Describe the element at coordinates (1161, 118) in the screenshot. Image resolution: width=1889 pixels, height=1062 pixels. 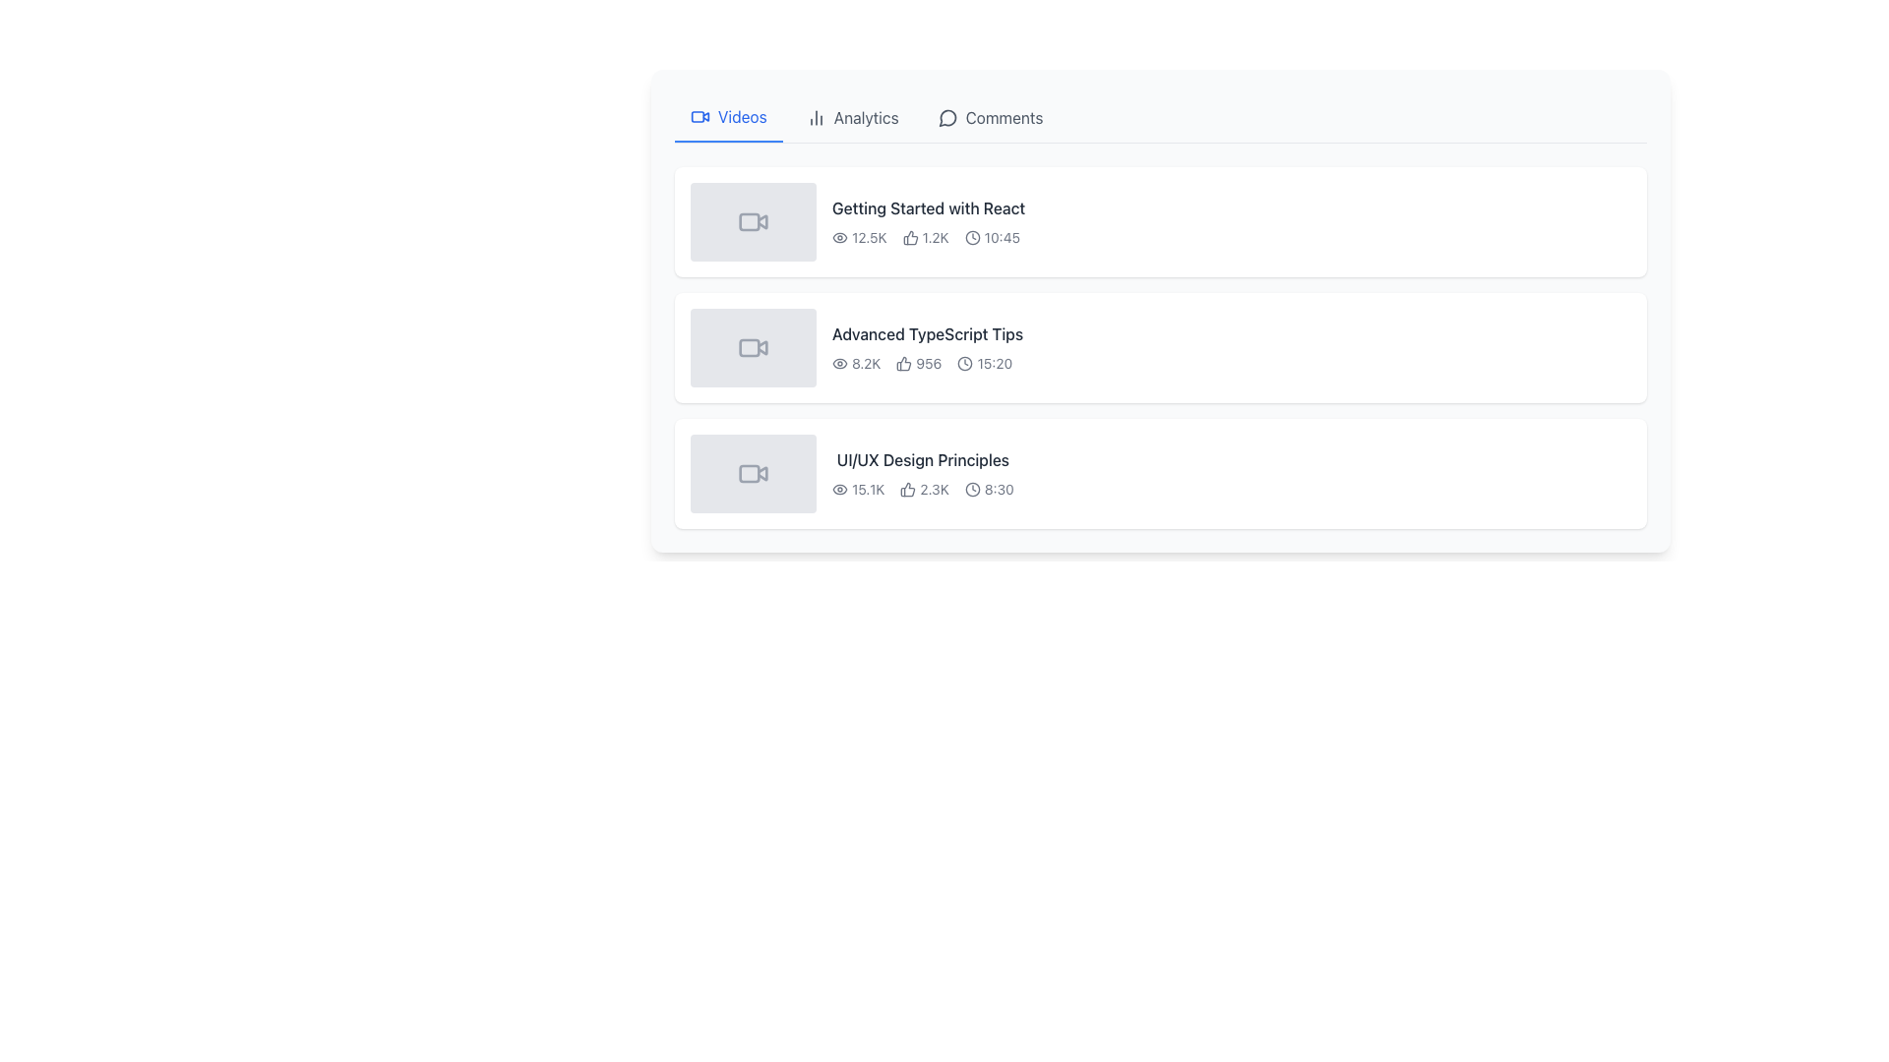
I see `the 'Analytics' tab in the horizontal navigation bar` at that location.